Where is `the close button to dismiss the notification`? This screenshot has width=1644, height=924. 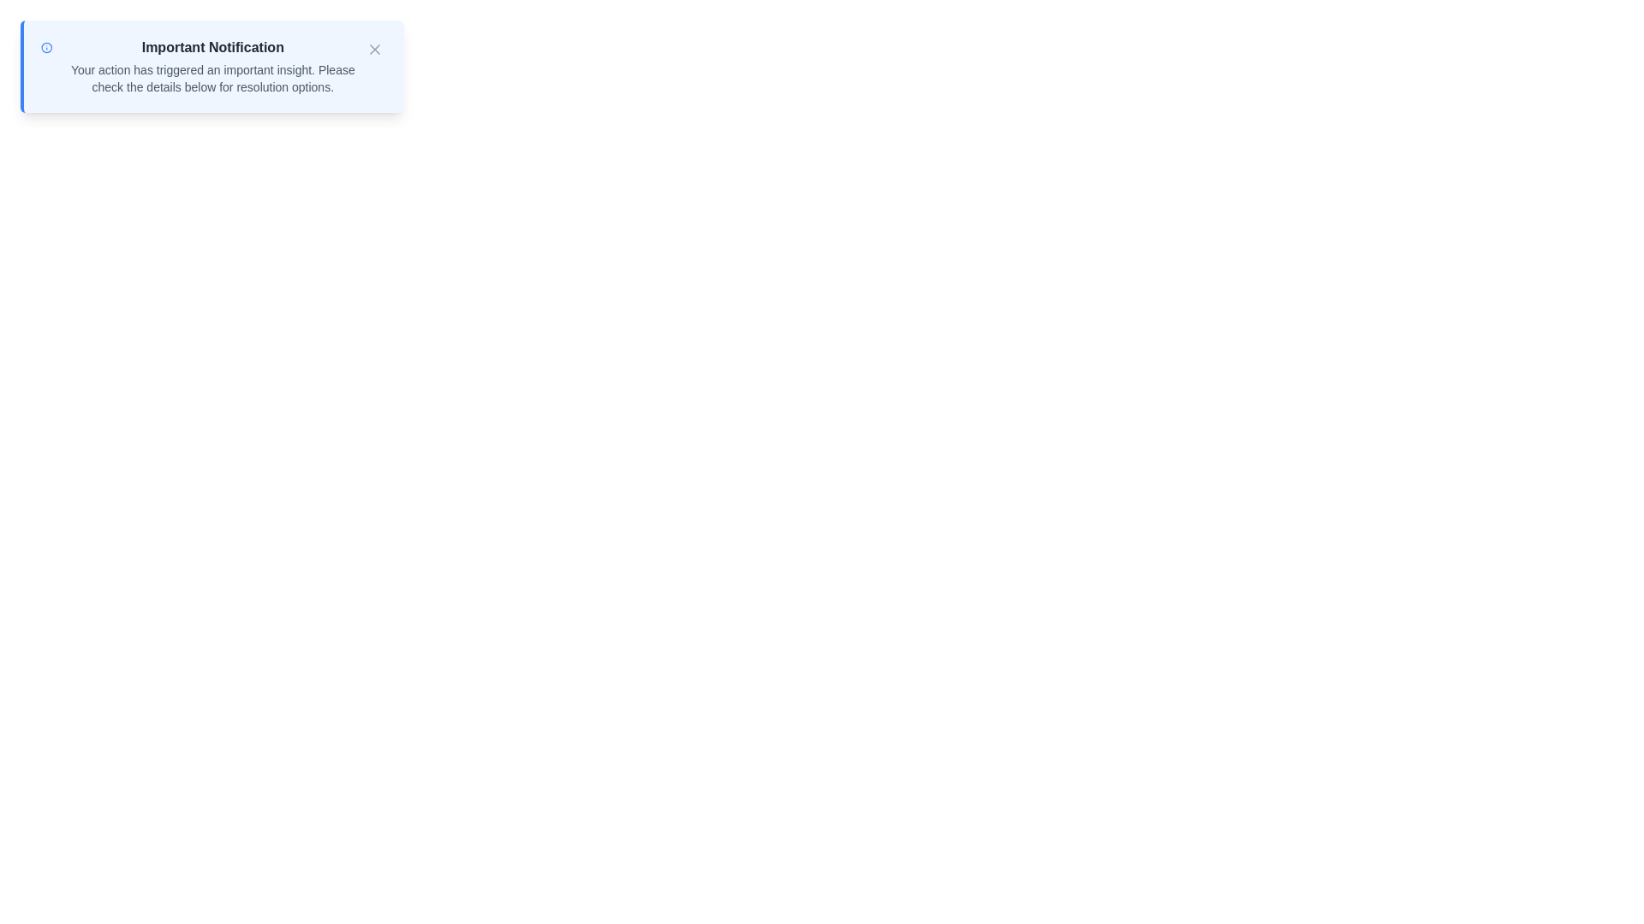
the close button to dismiss the notification is located at coordinates (373, 48).